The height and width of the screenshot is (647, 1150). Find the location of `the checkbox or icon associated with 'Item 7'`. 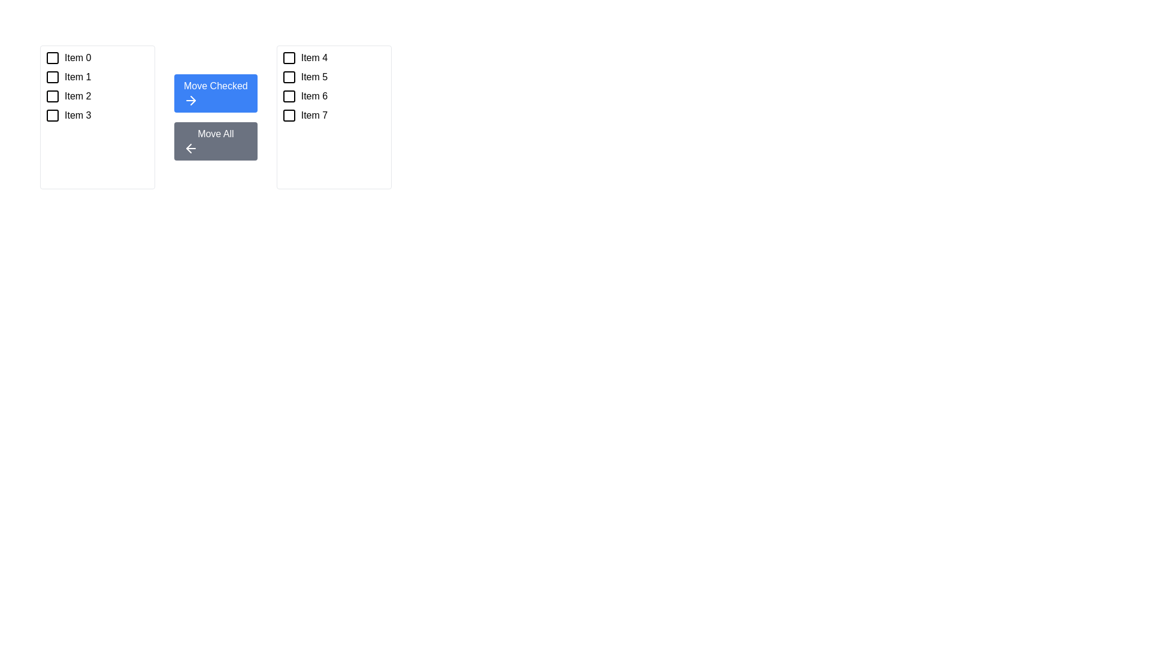

the checkbox or icon associated with 'Item 7' is located at coordinates (289, 115).